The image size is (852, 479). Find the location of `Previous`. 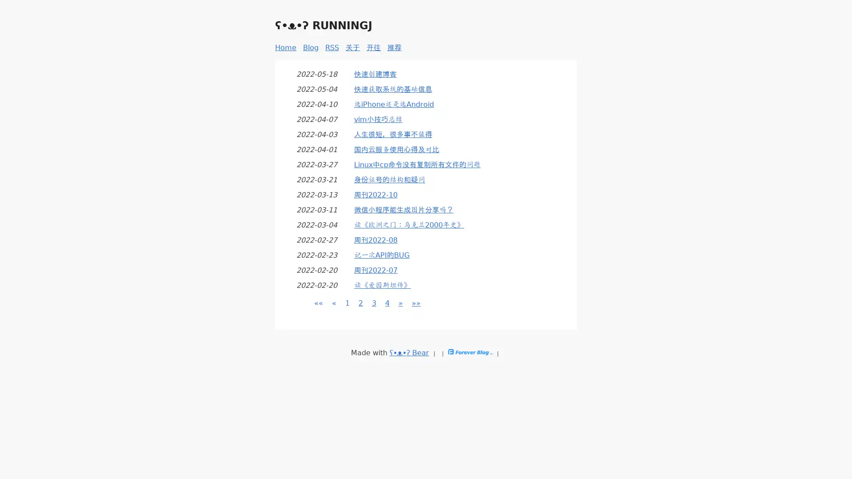

Previous is located at coordinates (334, 302).